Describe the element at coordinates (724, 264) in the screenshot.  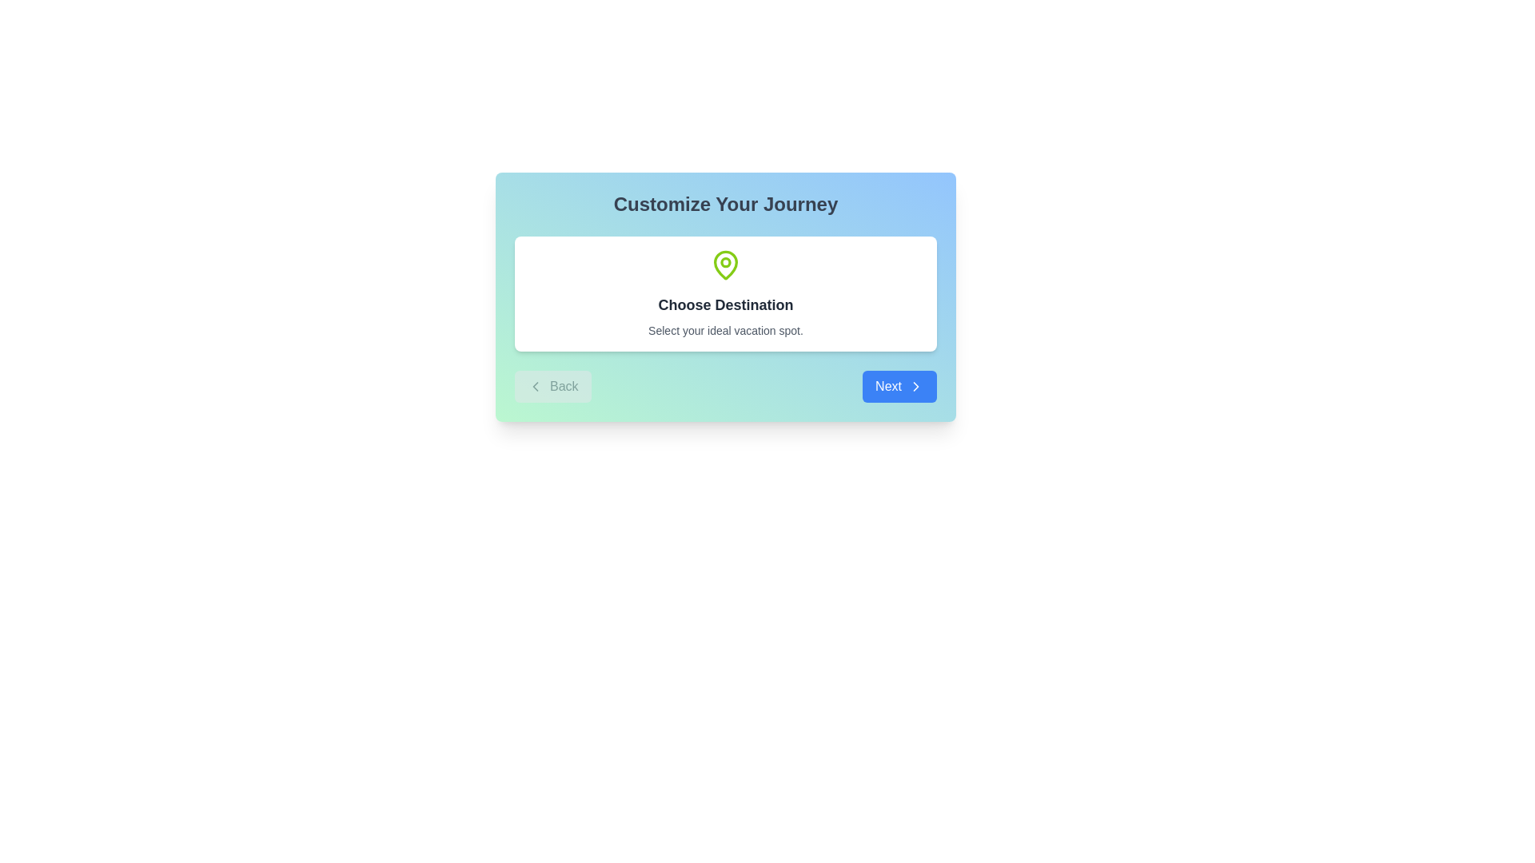
I see `the green map pin icon with a hollow circular center, which is centered within the 'Choose Destination' card` at that location.